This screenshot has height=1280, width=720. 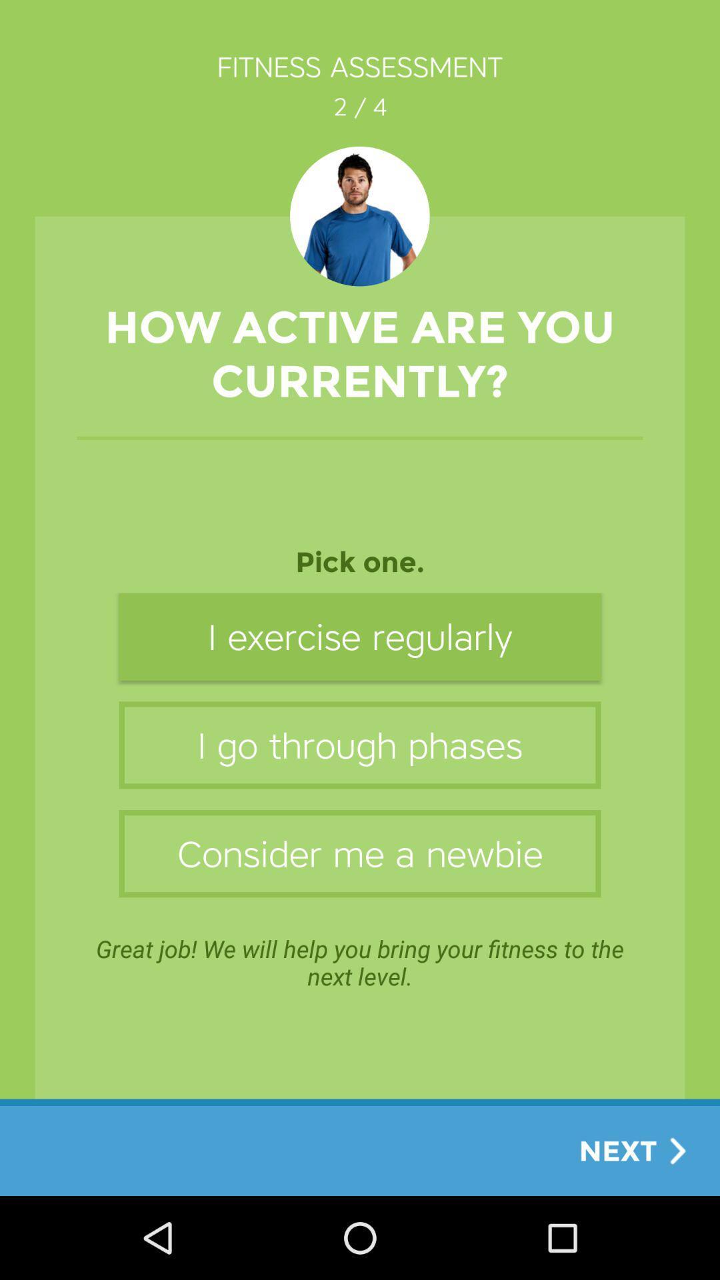 What do you see at coordinates (360, 853) in the screenshot?
I see `consider me a icon` at bounding box center [360, 853].